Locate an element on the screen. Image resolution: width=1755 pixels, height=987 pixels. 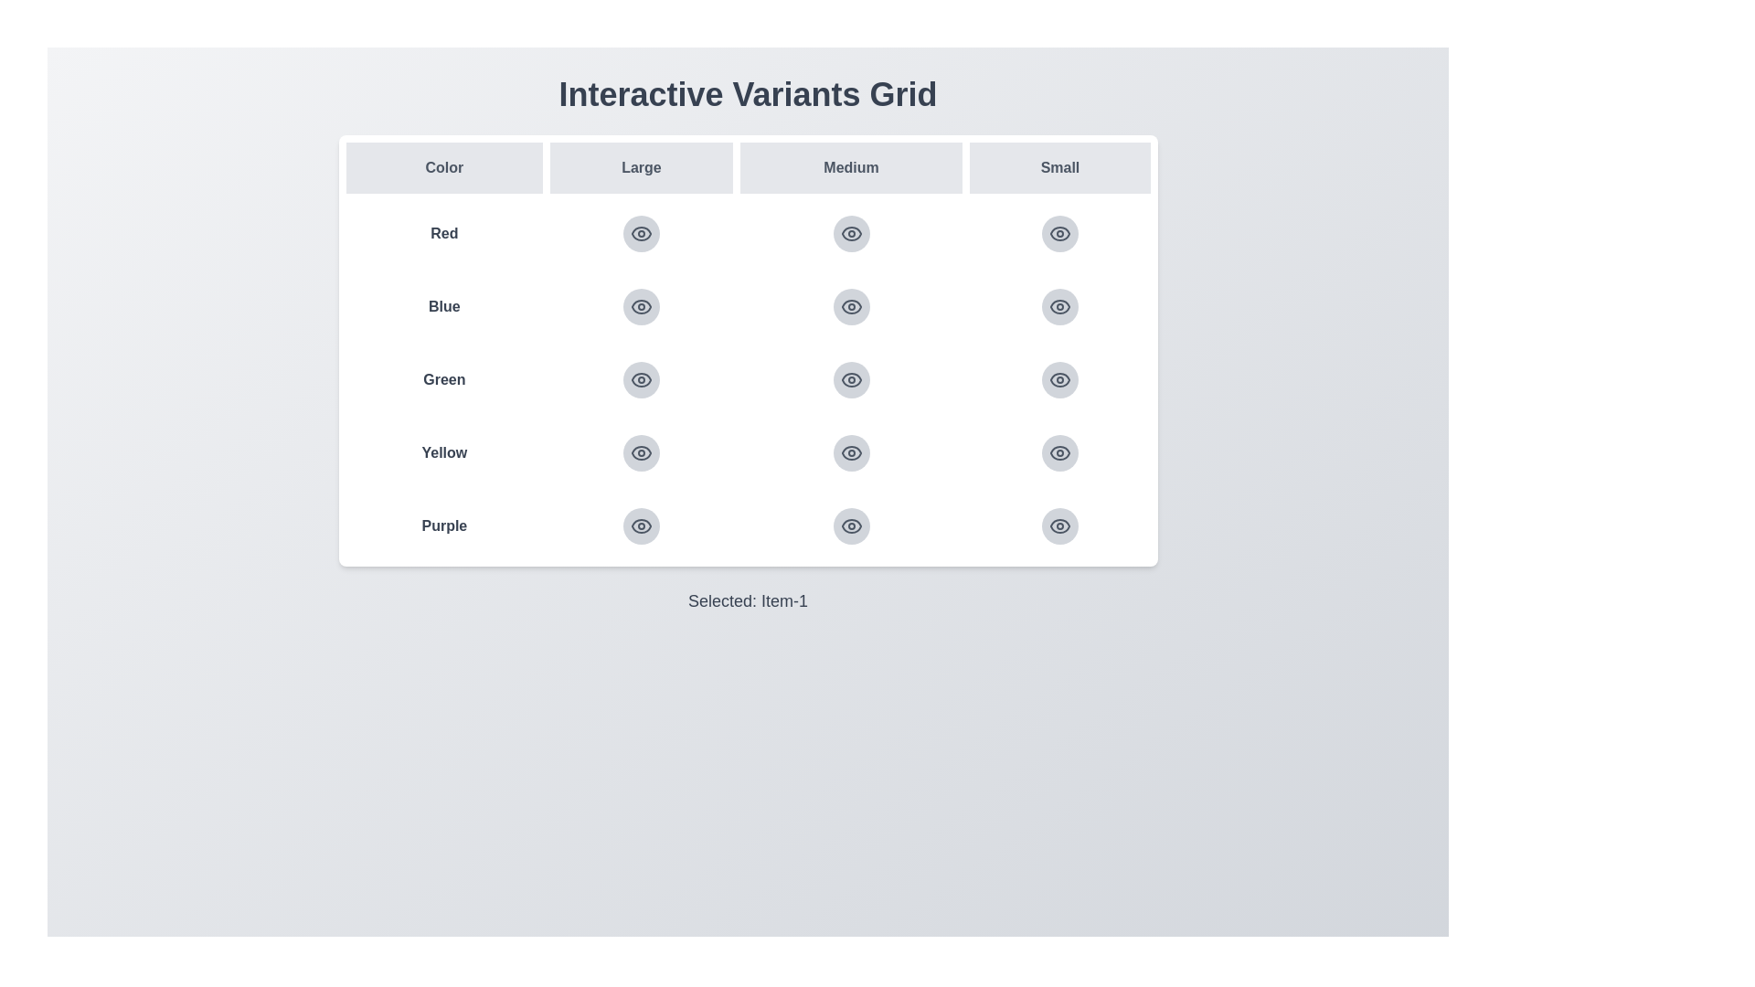
the 'Small' column header, which is styled as bold text in medium-dark gray and positioned as the fourth column header in a grid layout is located at coordinates (1060, 168).